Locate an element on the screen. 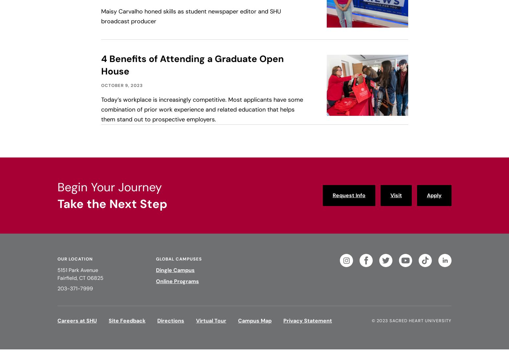  '4 Benefits of Attending a Graduate Open House' is located at coordinates (192, 65).